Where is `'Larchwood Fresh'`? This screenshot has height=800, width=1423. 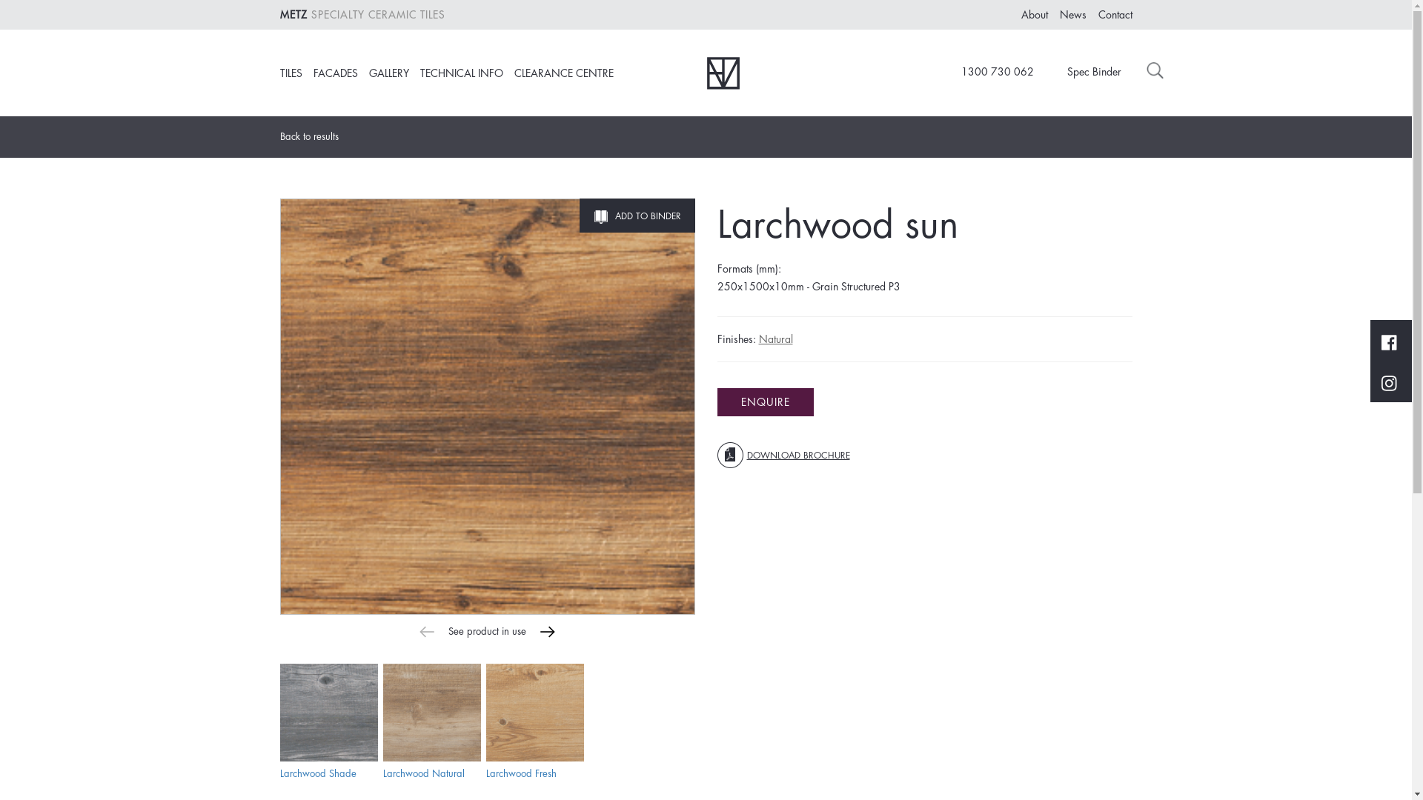
'Larchwood Fresh' is located at coordinates (534, 711).